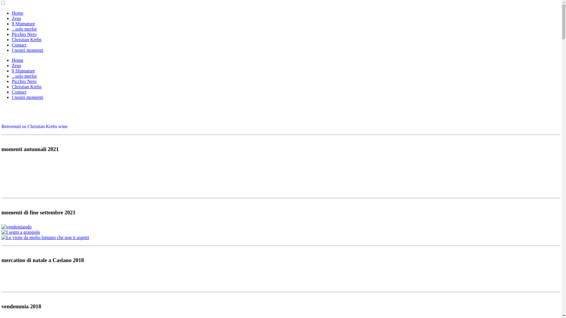 The image size is (566, 318). I want to click on '8 Sfumature', so click(23, 23).